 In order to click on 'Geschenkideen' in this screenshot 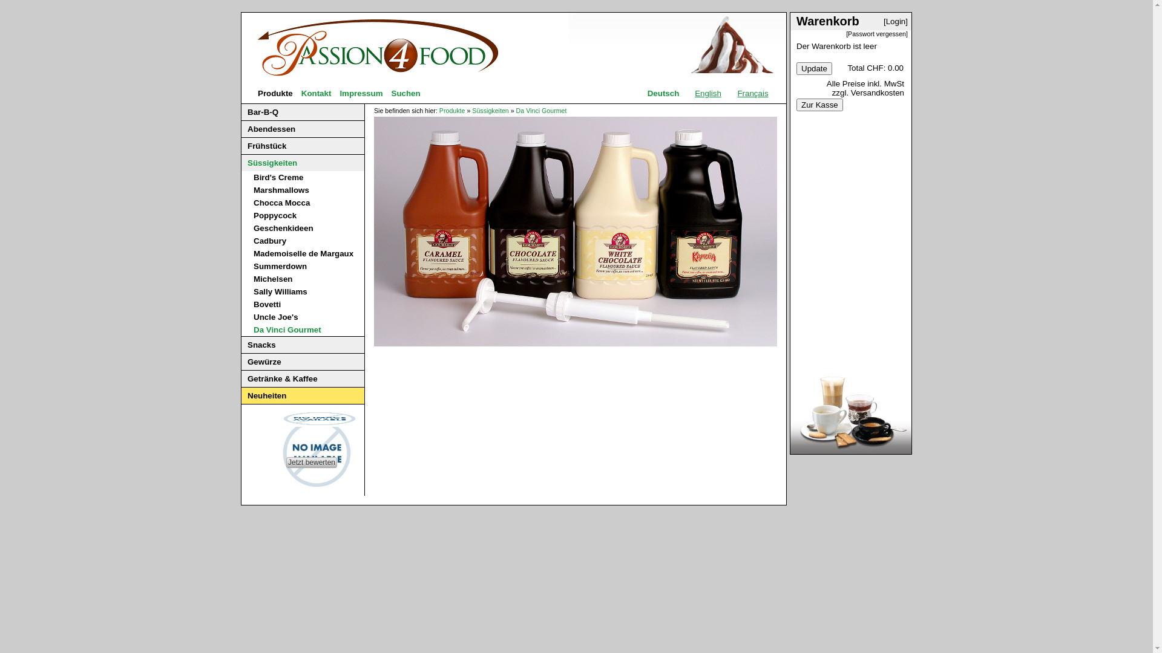, I will do `click(252, 228)`.